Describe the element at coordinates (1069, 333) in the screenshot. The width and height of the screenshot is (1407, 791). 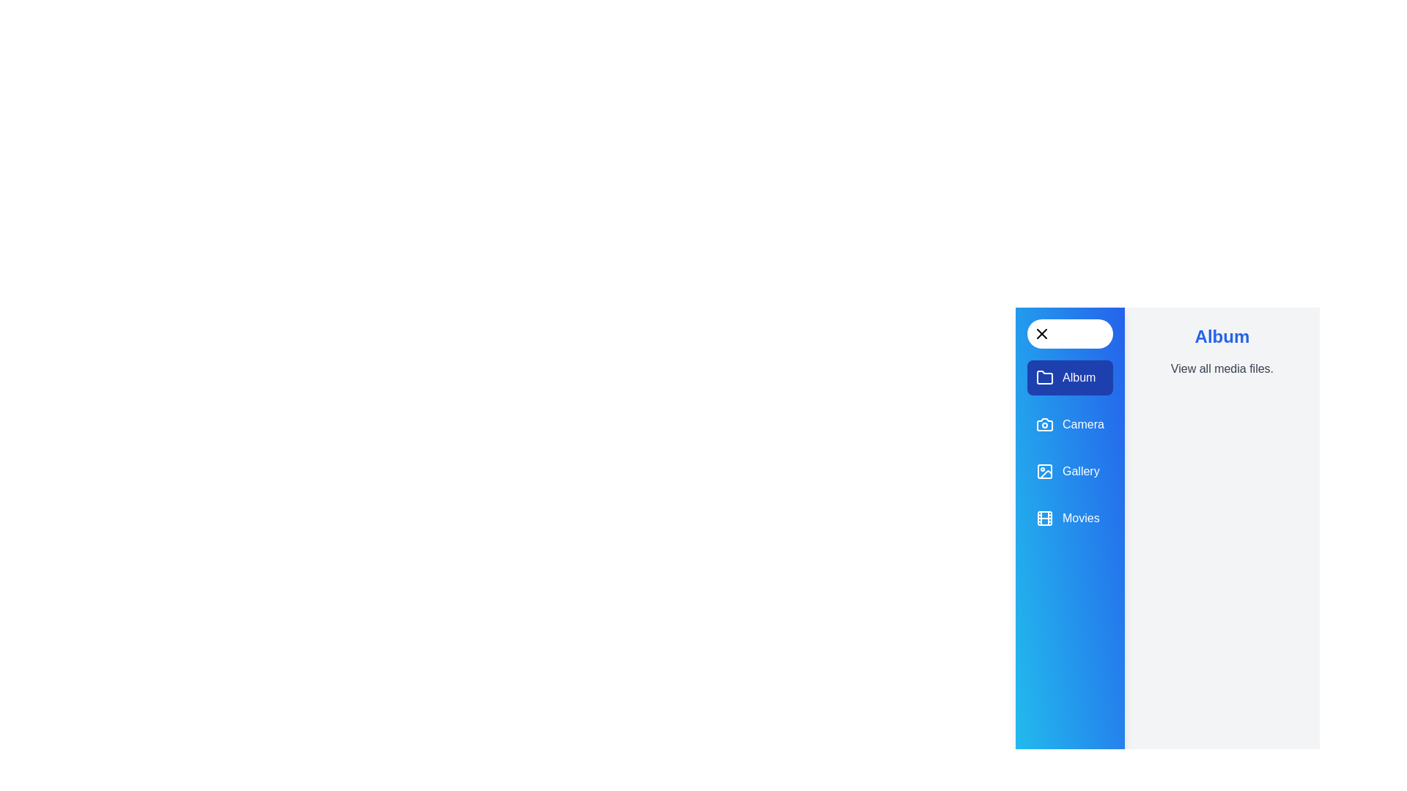
I see `toggle button to expand or collapse the multimedia drawer` at that location.